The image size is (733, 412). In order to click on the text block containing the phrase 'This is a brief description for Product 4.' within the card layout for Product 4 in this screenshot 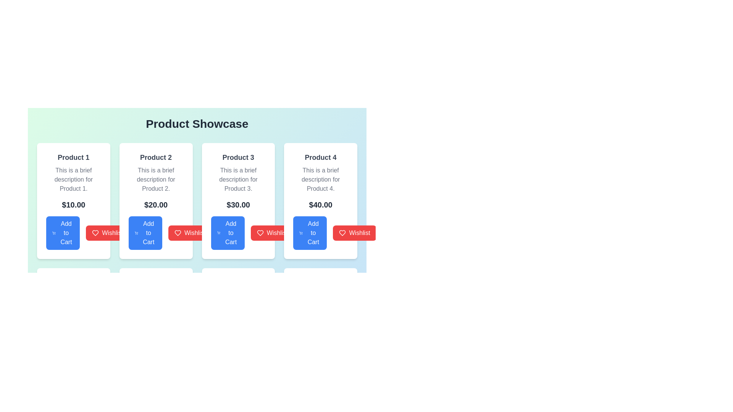, I will do `click(321, 179)`.